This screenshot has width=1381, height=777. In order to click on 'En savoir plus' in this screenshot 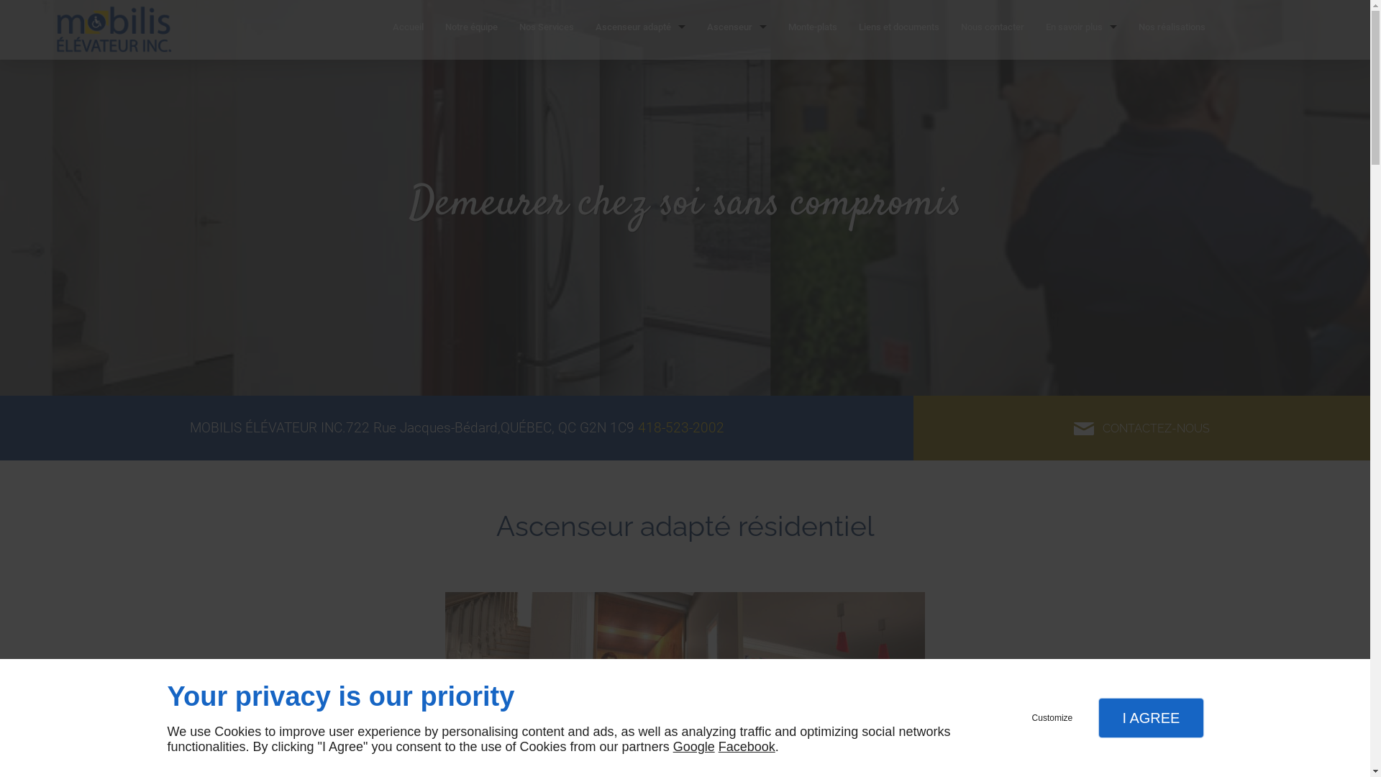, I will do `click(1081, 29)`.